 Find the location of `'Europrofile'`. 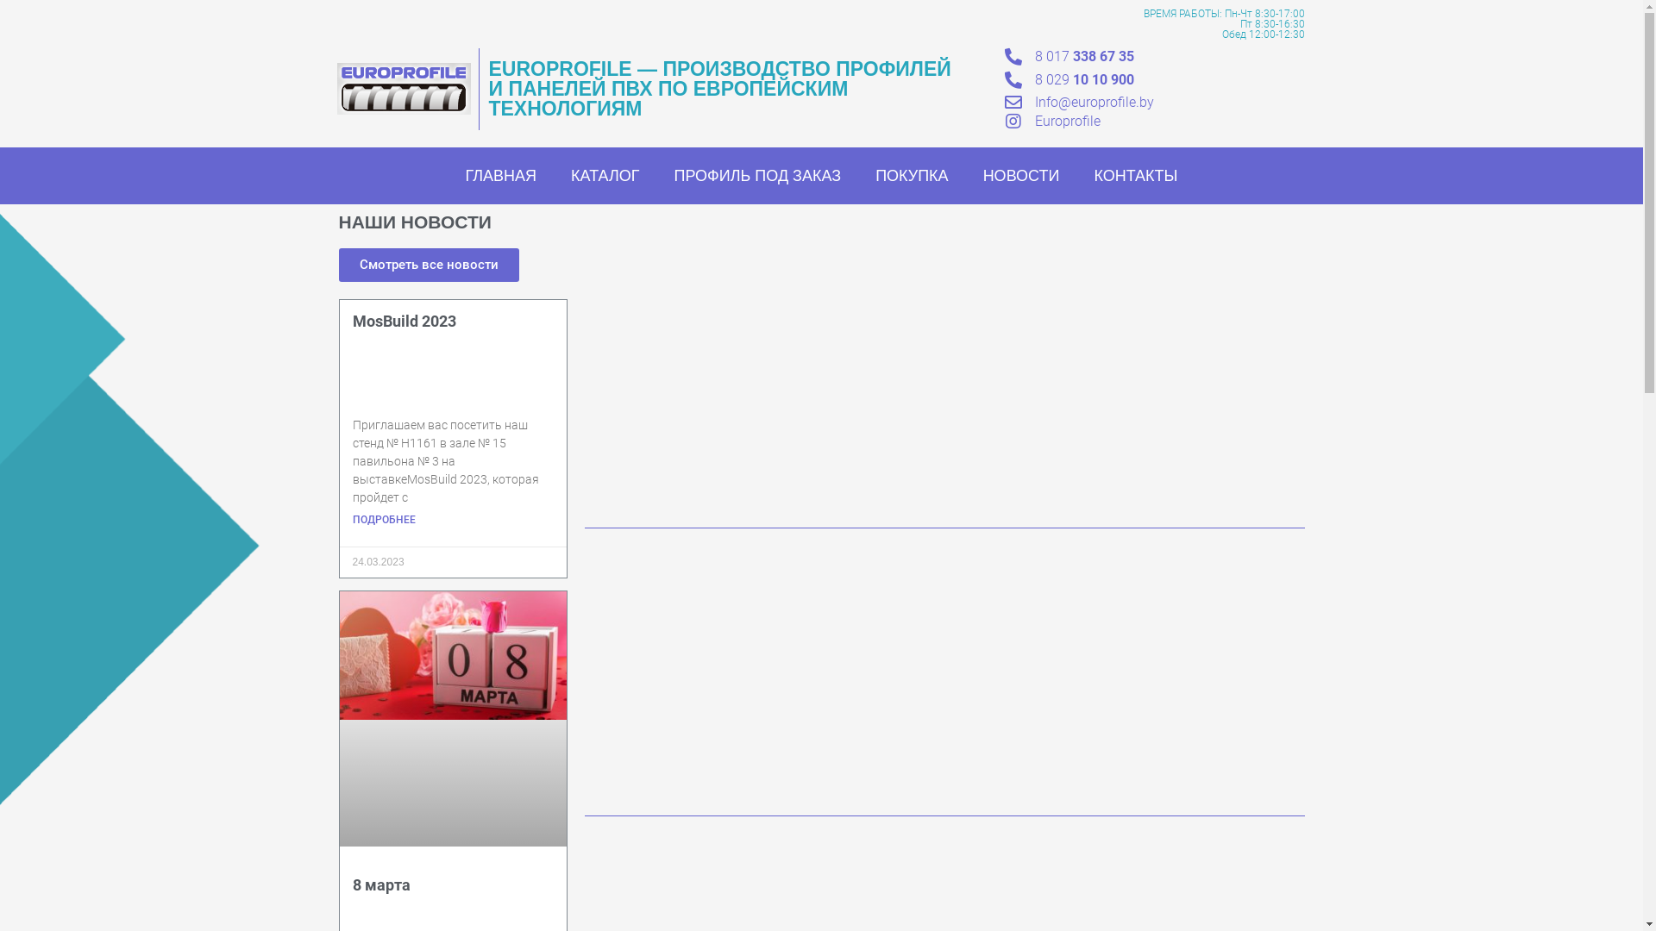

'Europrofile' is located at coordinates (1067, 120).